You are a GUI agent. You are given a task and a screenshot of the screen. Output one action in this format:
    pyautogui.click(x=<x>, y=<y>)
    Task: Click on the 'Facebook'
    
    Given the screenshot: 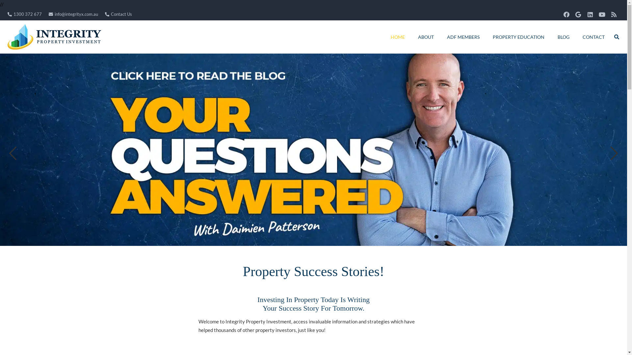 What is the action you would take?
    pyautogui.click(x=566, y=14)
    